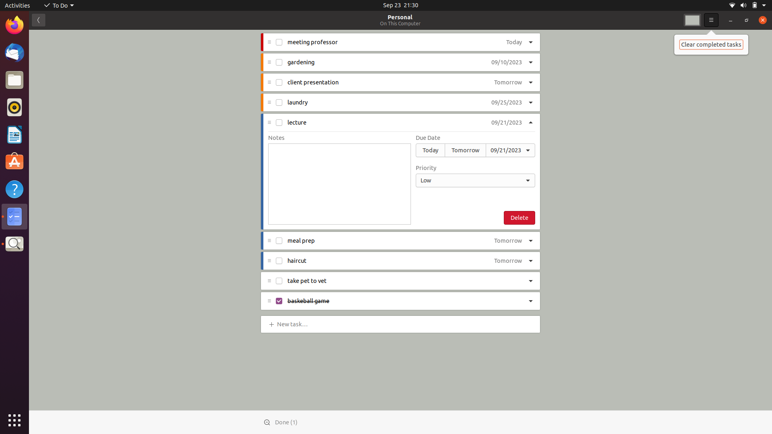 The height and width of the screenshot is (434, 772). I want to click on Adjust the backdrop color to the second selection present in the drop-down menu, so click(692, 20).